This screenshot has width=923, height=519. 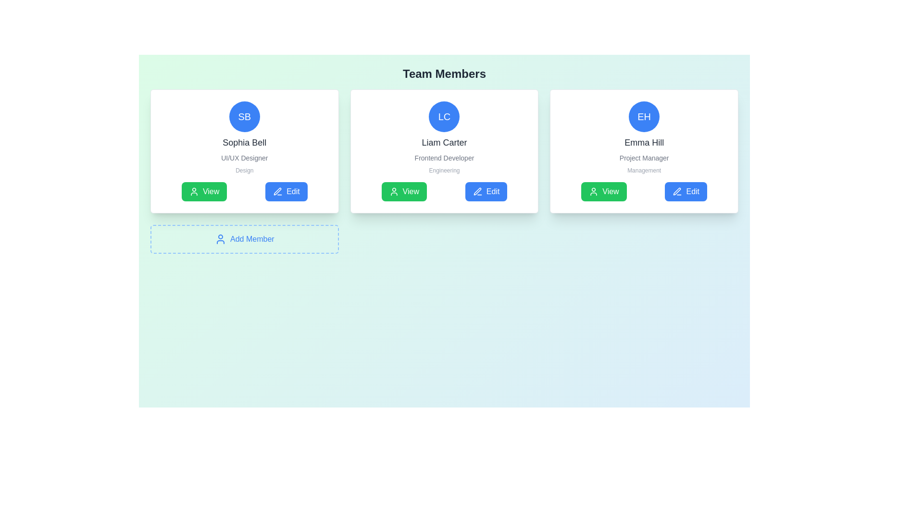 What do you see at coordinates (220, 238) in the screenshot?
I see `the blue user profile silhouette icon located to the left of the 'Add Member' text, which is part of a clickable component within a dashed rectangle` at bounding box center [220, 238].